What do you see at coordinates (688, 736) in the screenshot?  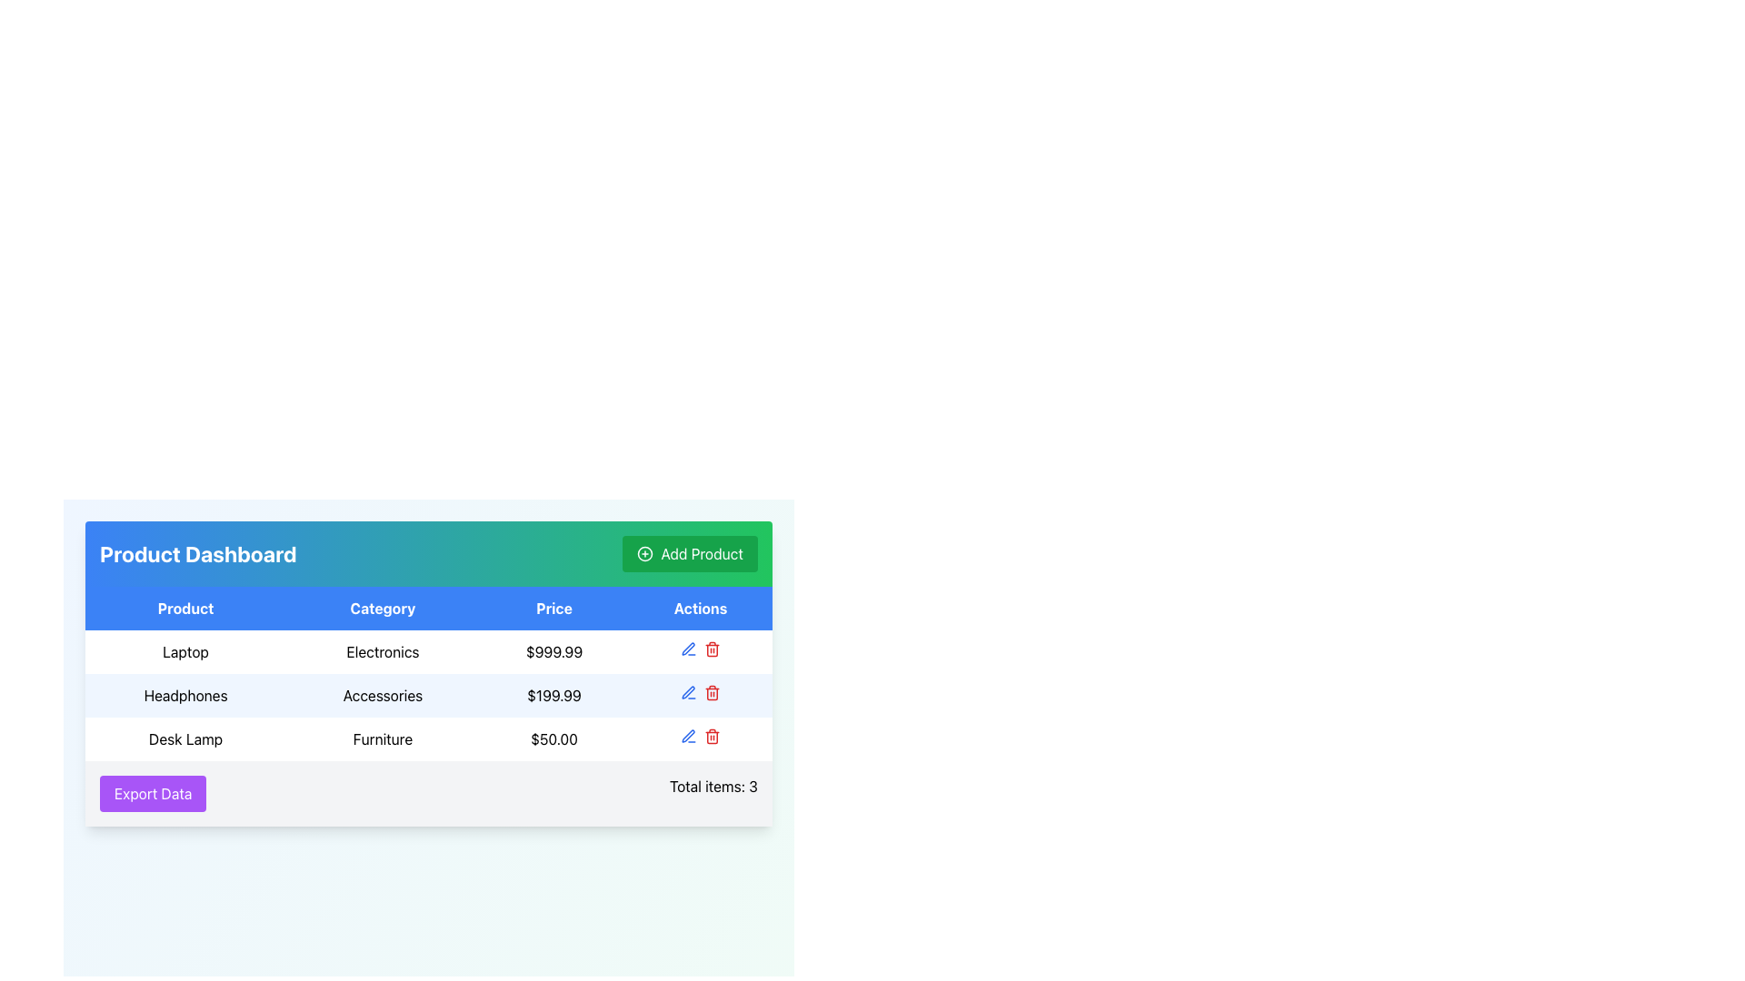 I see `the edit button located in the 'Actions' column of the last row in the table for the 'Desk Lamp' product` at bounding box center [688, 736].